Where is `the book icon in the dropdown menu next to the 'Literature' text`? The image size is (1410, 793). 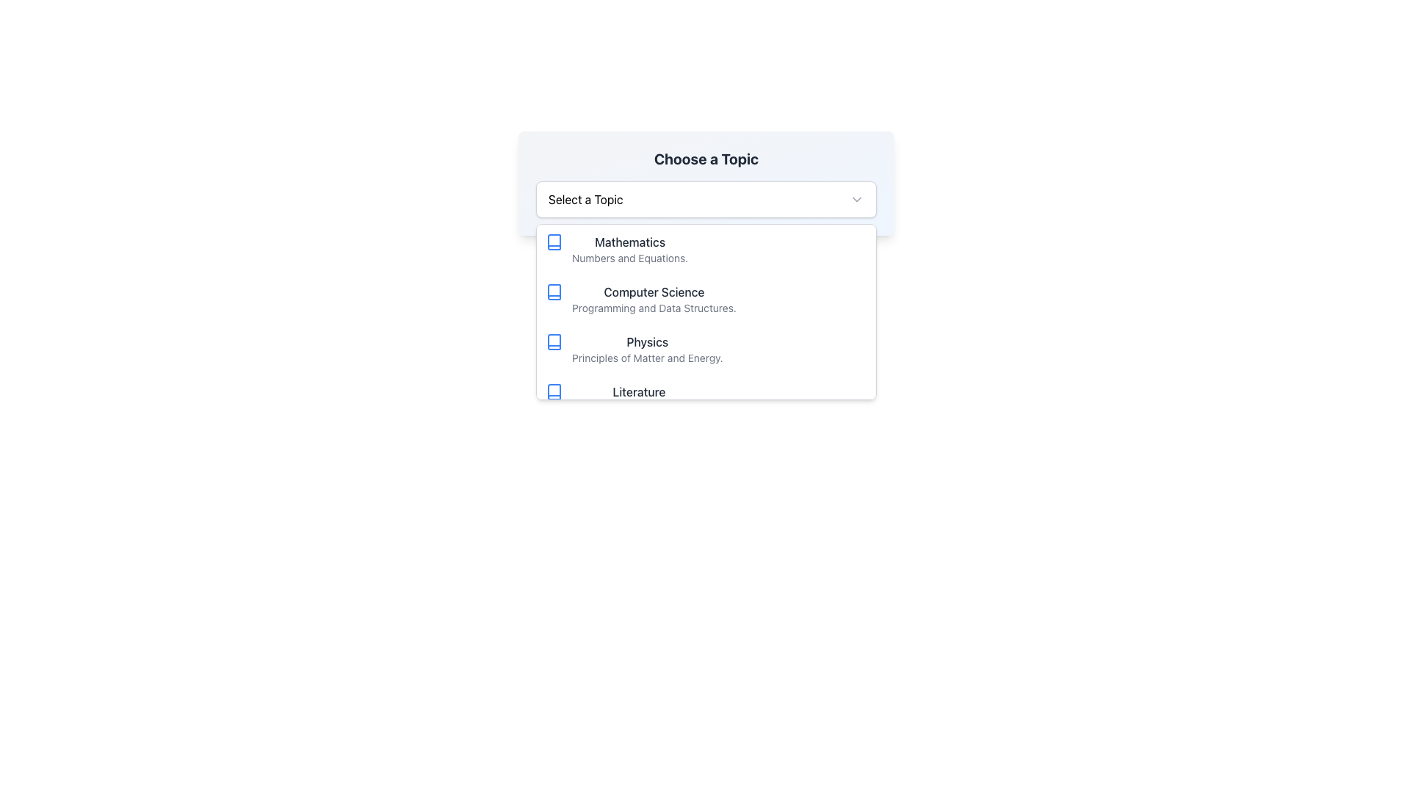
the book icon in the dropdown menu next to the 'Literature' text is located at coordinates (553, 391).